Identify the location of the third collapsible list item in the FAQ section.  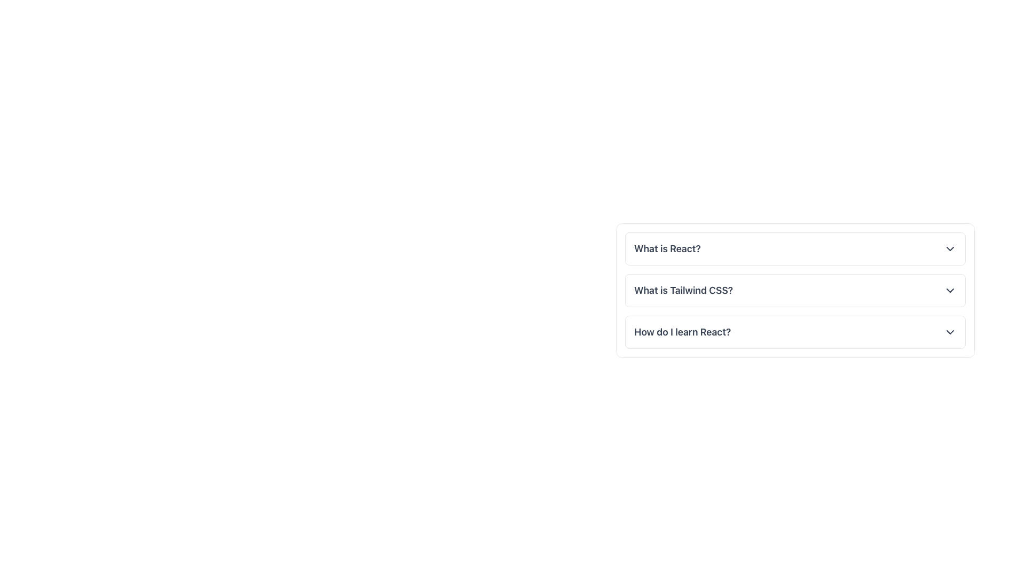
(795, 331).